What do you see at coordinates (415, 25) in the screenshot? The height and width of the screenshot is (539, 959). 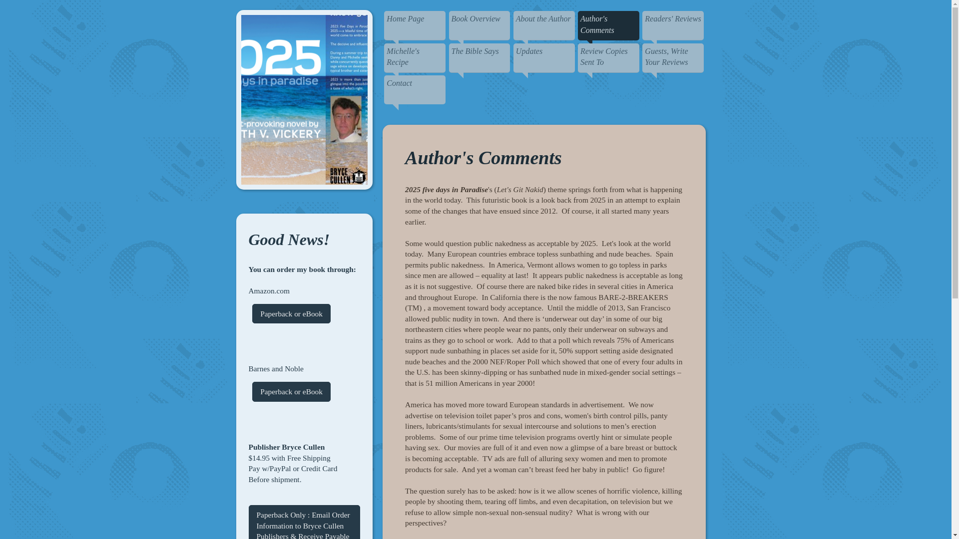 I see `'Home Page'` at bounding box center [415, 25].